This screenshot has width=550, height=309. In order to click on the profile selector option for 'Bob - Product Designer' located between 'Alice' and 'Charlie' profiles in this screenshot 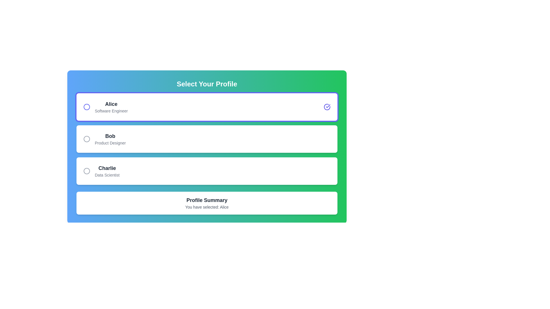, I will do `click(105, 139)`.